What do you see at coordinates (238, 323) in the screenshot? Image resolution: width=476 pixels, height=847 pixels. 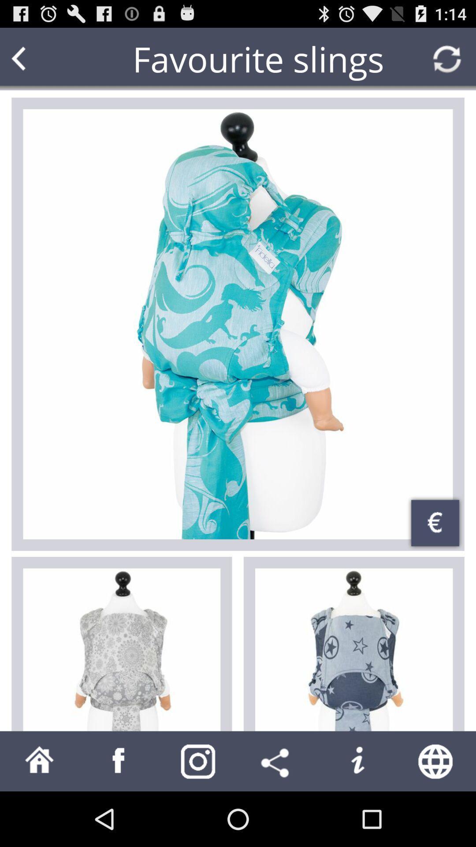 I see `zoom in on image` at bounding box center [238, 323].